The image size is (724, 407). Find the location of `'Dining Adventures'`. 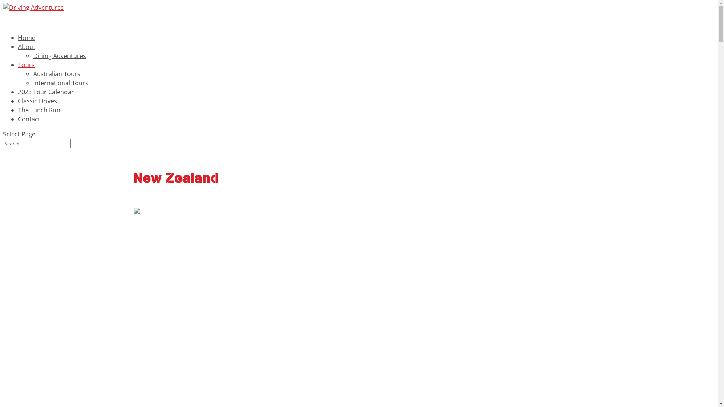

'Dining Adventures' is located at coordinates (32, 55).